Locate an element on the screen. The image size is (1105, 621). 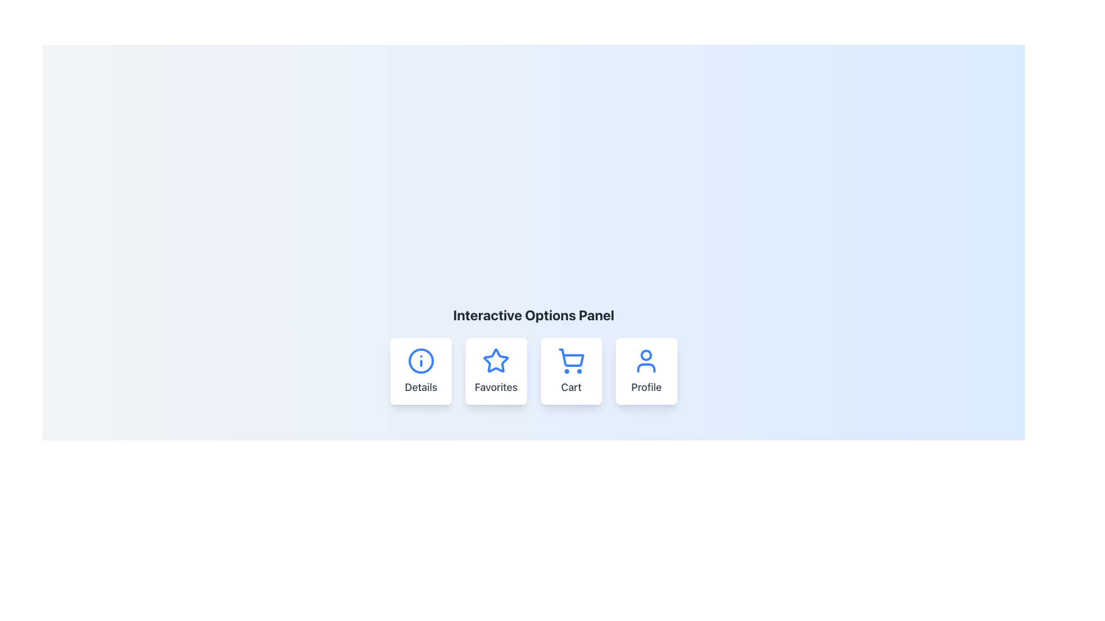
the 'Favorites' text label, which is styled in medium font size and gray color, located beneath the star icon in the 'Interactive Options Panel' is located at coordinates (496, 388).